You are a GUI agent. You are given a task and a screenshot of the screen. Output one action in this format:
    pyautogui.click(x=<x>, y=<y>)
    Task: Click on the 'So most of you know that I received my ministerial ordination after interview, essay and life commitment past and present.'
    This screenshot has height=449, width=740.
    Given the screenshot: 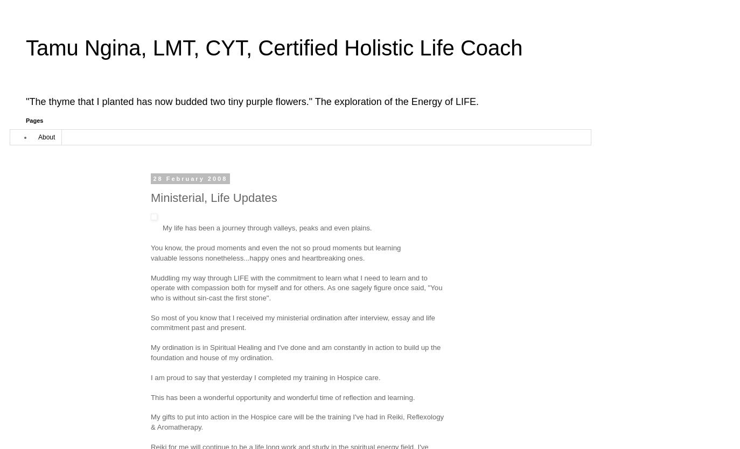 What is the action you would take?
    pyautogui.click(x=292, y=322)
    